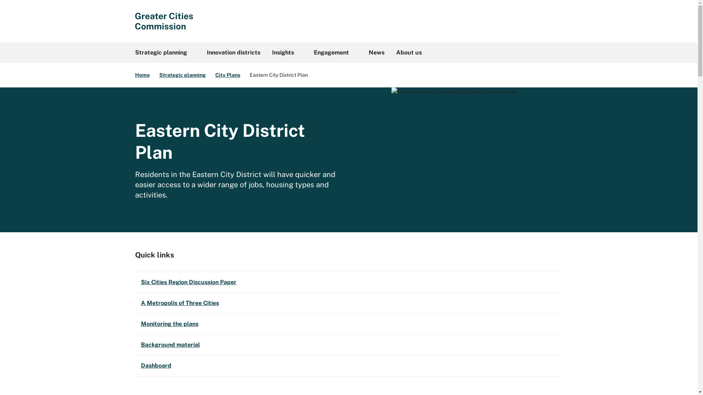 The width and height of the screenshot is (703, 395). What do you see at coordinates (348, 365) in the screenshot?
I see `'Dashboard'` at bounding box center [348, 365].